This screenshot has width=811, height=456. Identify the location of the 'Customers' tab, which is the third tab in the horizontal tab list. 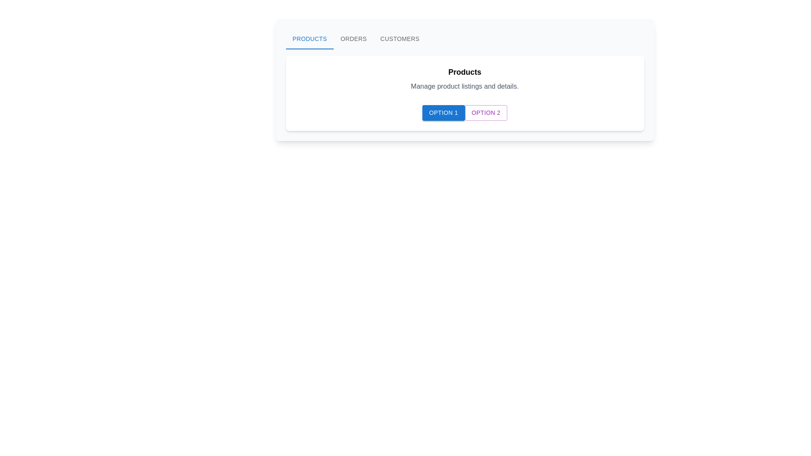
(399, 39).